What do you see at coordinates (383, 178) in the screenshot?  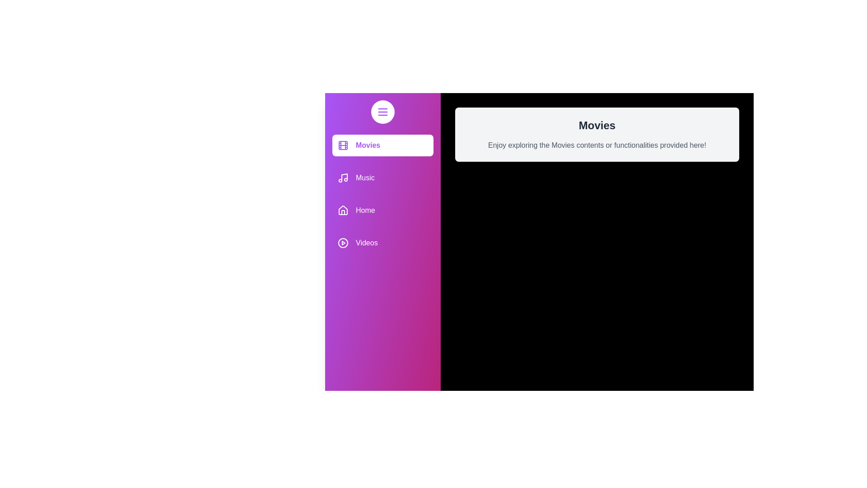 I see `the media category item Music to receive feedback` at bounding box center [383, 178].